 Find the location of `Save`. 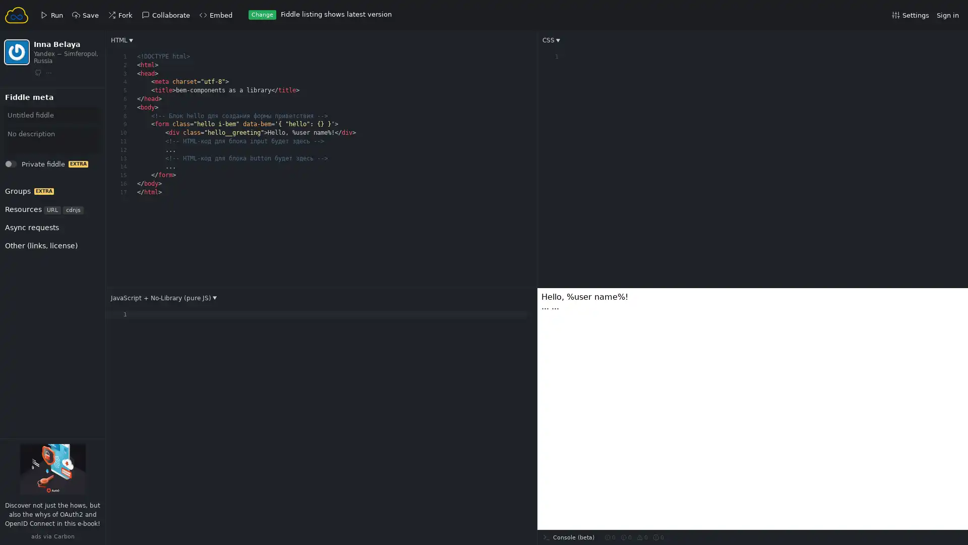

Save is located at coordinates (21, 108).